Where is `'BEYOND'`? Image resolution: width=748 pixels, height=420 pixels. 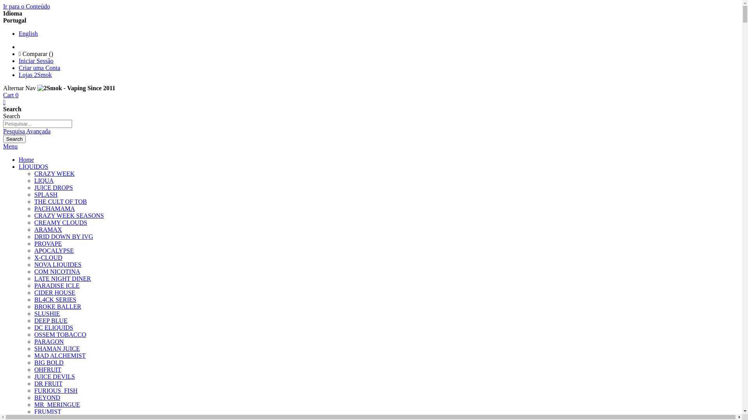
'BEYOND' is located at coordinates (34, 397).